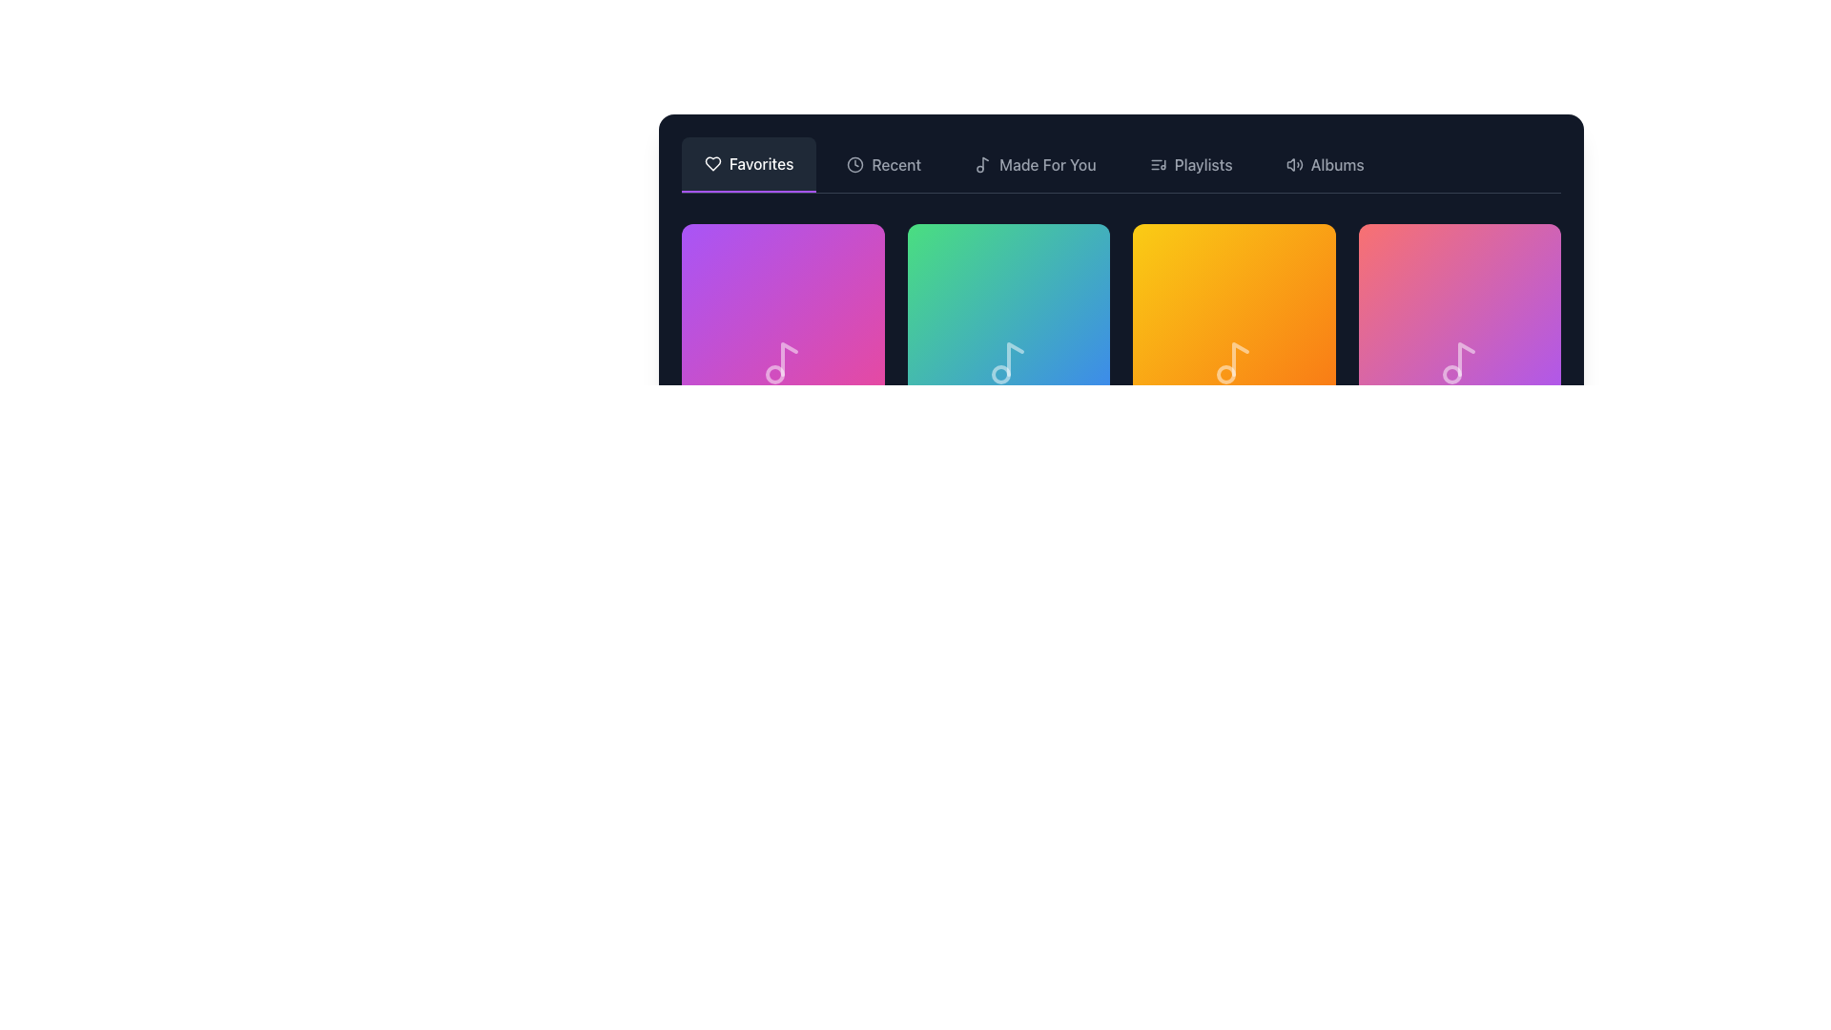  What do you see at coordinates (1304, 253) in the screenshot?
I see `the button located in the top-right corner of the control group` at bounding box center [1304, 253].